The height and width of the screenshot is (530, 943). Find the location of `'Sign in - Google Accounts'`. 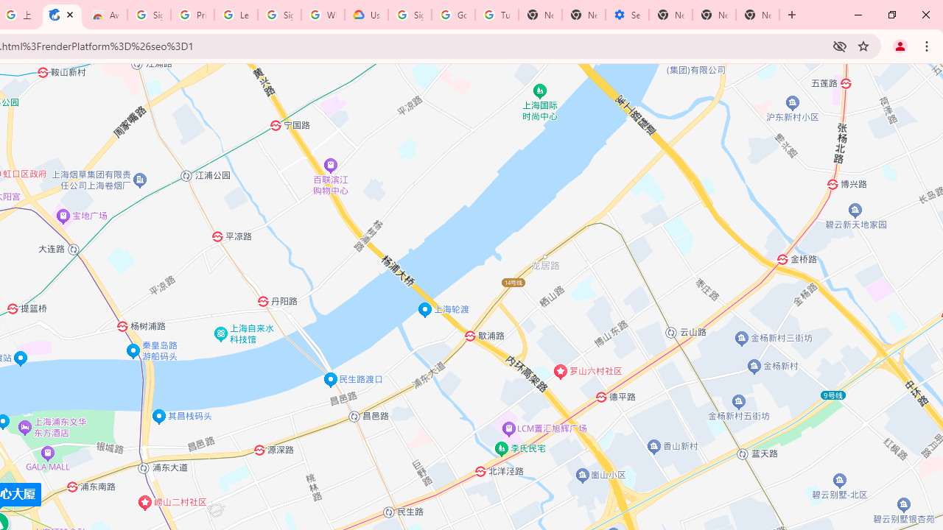

'Sign in - Google Accounts' is located at coordinates (279, 15).